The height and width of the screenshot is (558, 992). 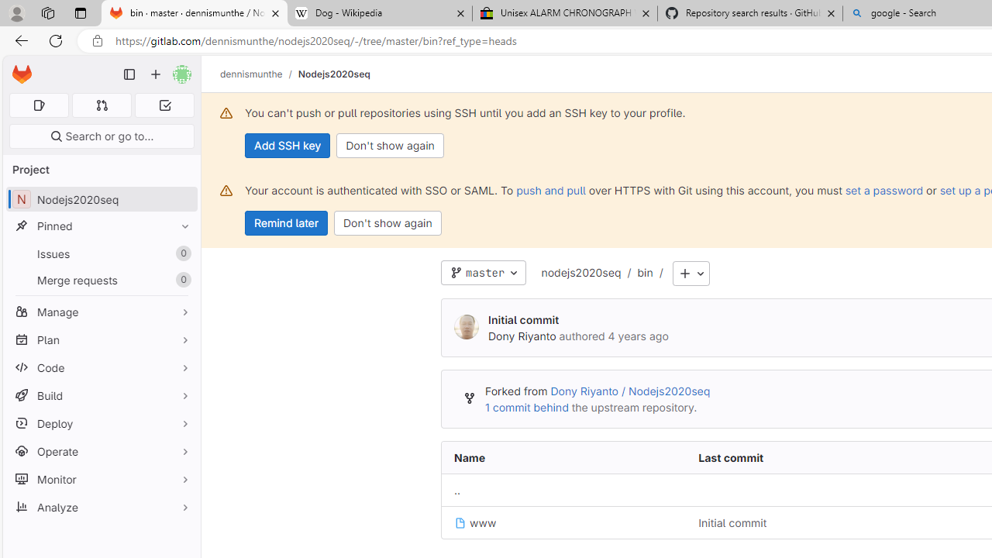 What do you see at coordinates (101, 226) in the screenshot?
I see `'Pinned'` at bounding box center [101, 226].